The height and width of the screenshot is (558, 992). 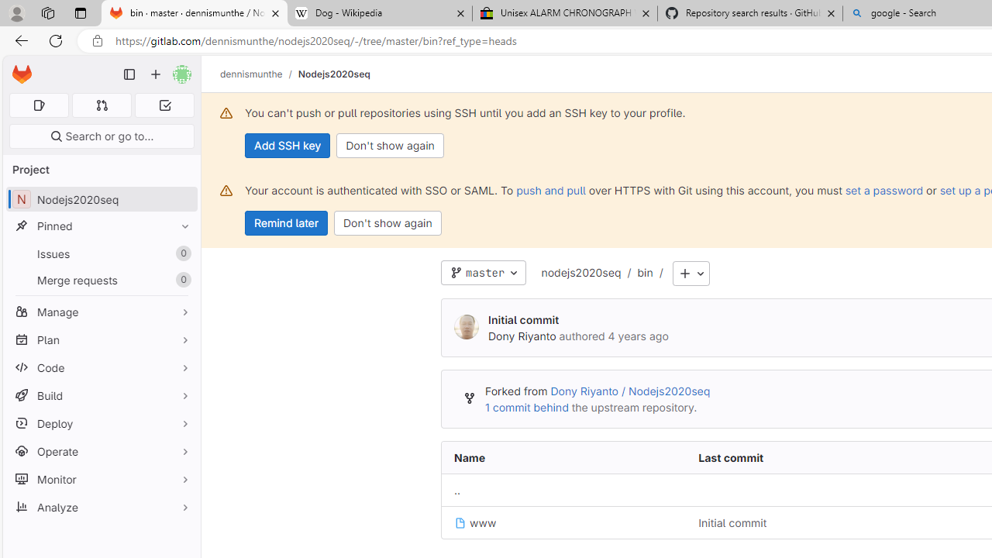 What do you see at coordinates (101, 226) in the screenshot?
I see `'Pinned'` at bounding box center [101, 226].